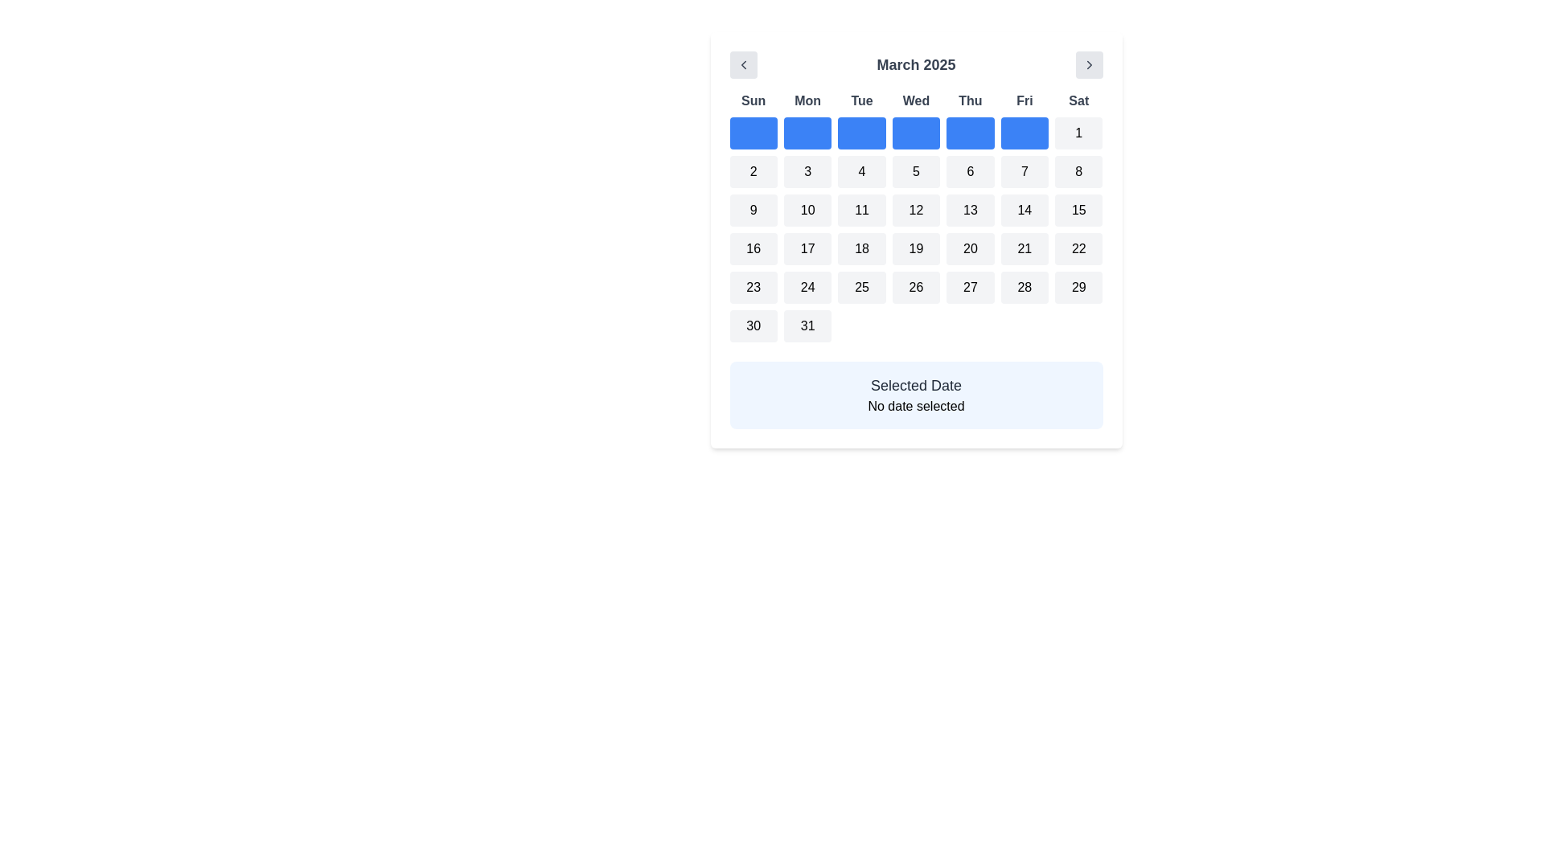 This screenshot has width=1544, height=868. Describe the element at coordinates (969, 287) in the screenshot. I see `the interactive calendar date button representing Friday in the monthly view` at that location.